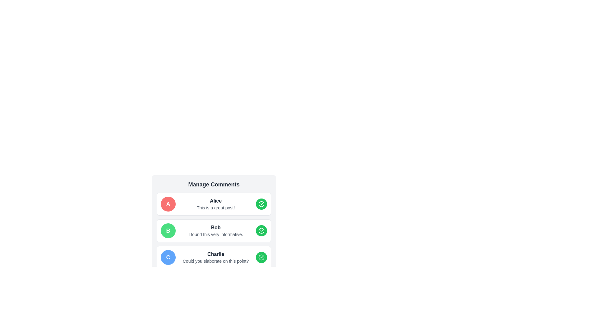 This screenshot has width=597, height=335. I want to click on the header or title text of the comment management section, which is located at the top-center of the light gray panel containing comment entries, so click(214, 184).